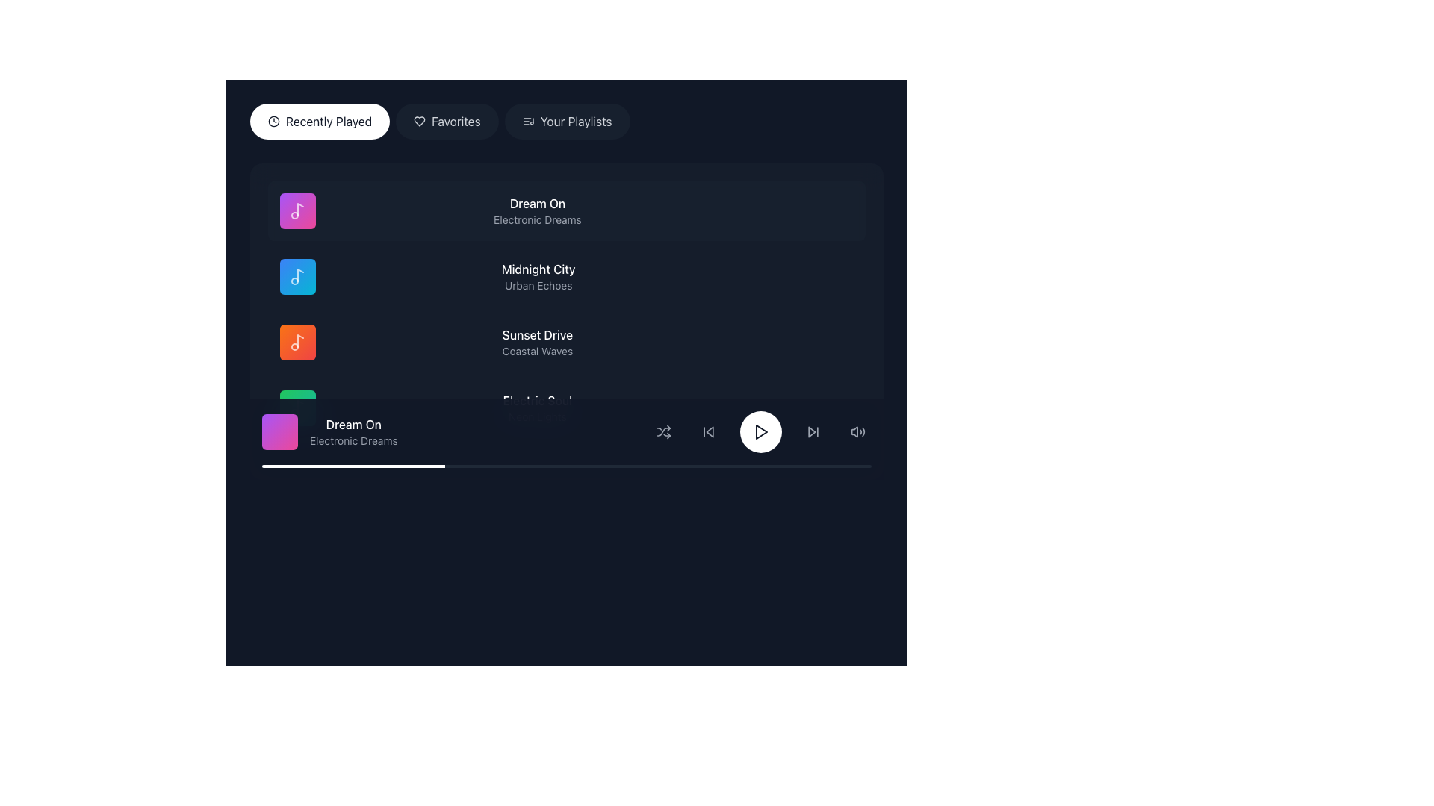 This screenshot has height=806, width=1434. What do you see at coordinates (297, 408) in the screenshot?
I see `the musical note icon SVG element located centrally within a gradient-filled rounded rectangle, positioned on the left side of the 'Dream On' music item in the list` at bounding box center [297, 408].